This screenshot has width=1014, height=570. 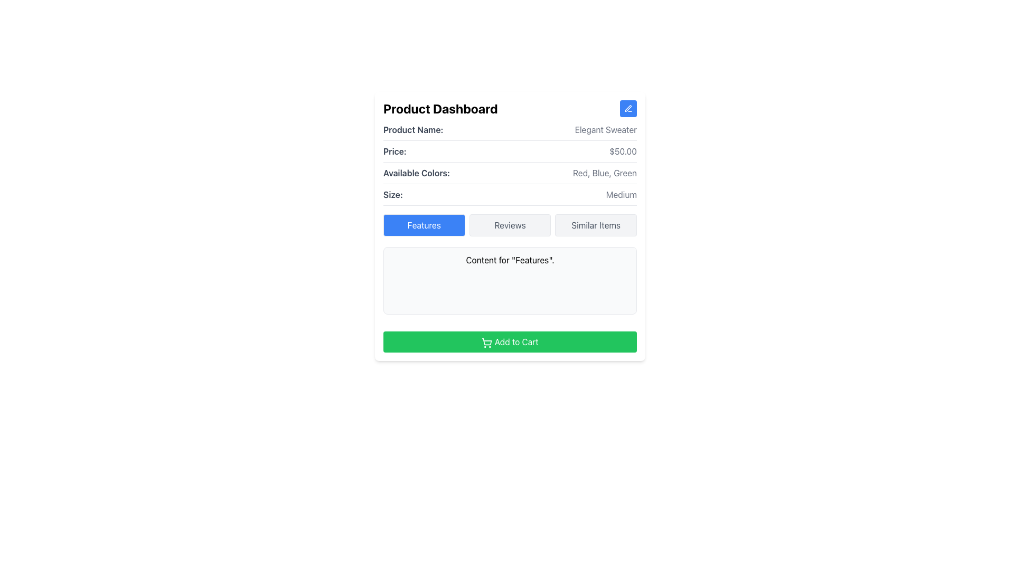 I want to click on the 'Add to Cart' button, which is a rectangular button with a green background and white text, located at the bottom center of the 'Product Dashboard' section, so click(x=510, y=342).